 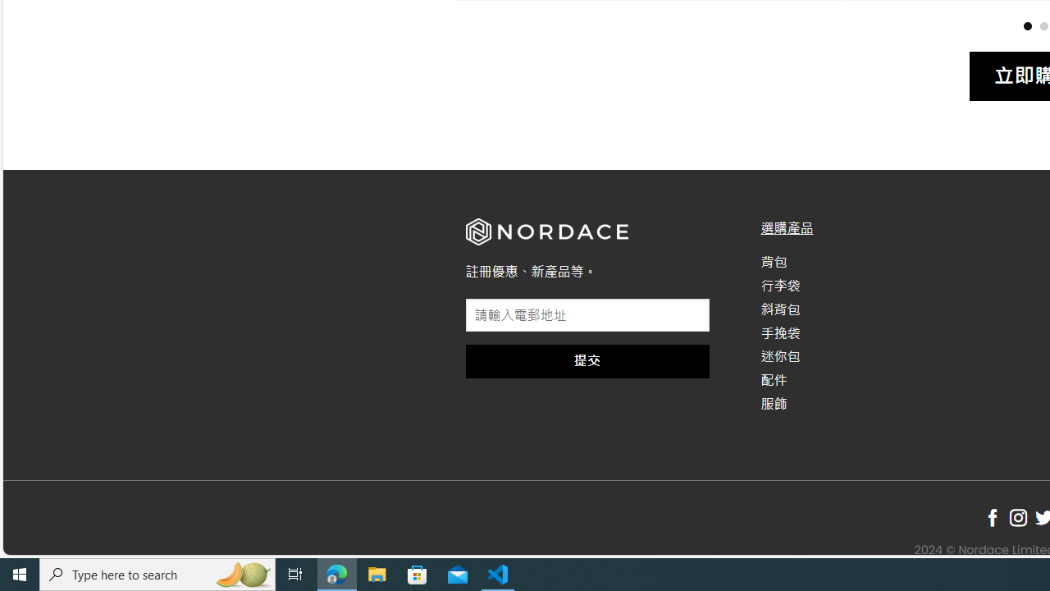 What do you see at coordinates (1017, 518) in the screenshot?
I see `'Follow on Instagram'` at bounding box center [1017, 518].